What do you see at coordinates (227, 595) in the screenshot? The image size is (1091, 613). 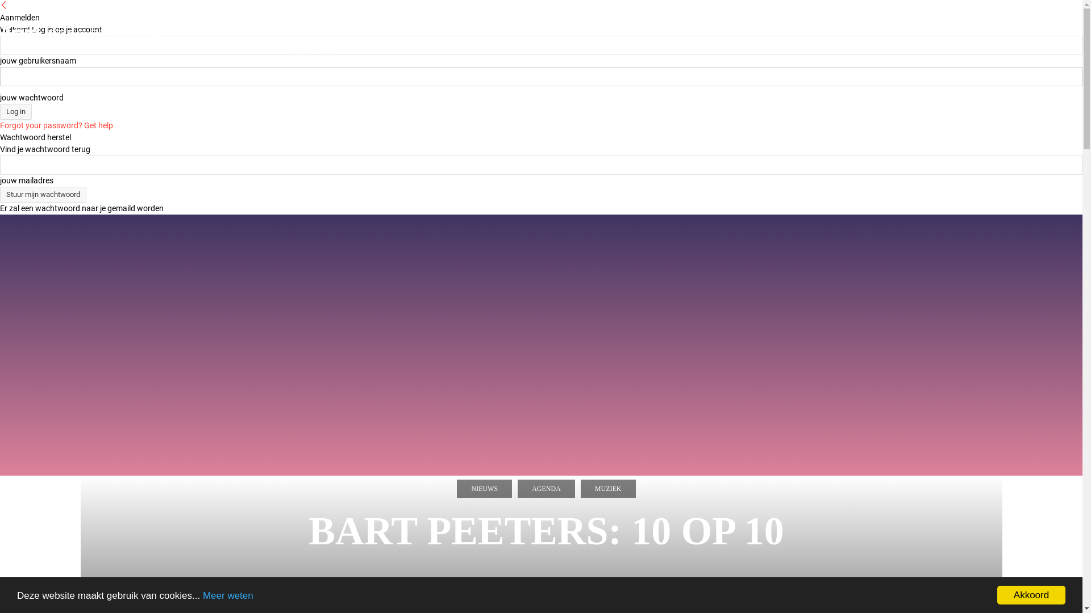 I see `'Meer weten'` at bounding box center [227, 595].